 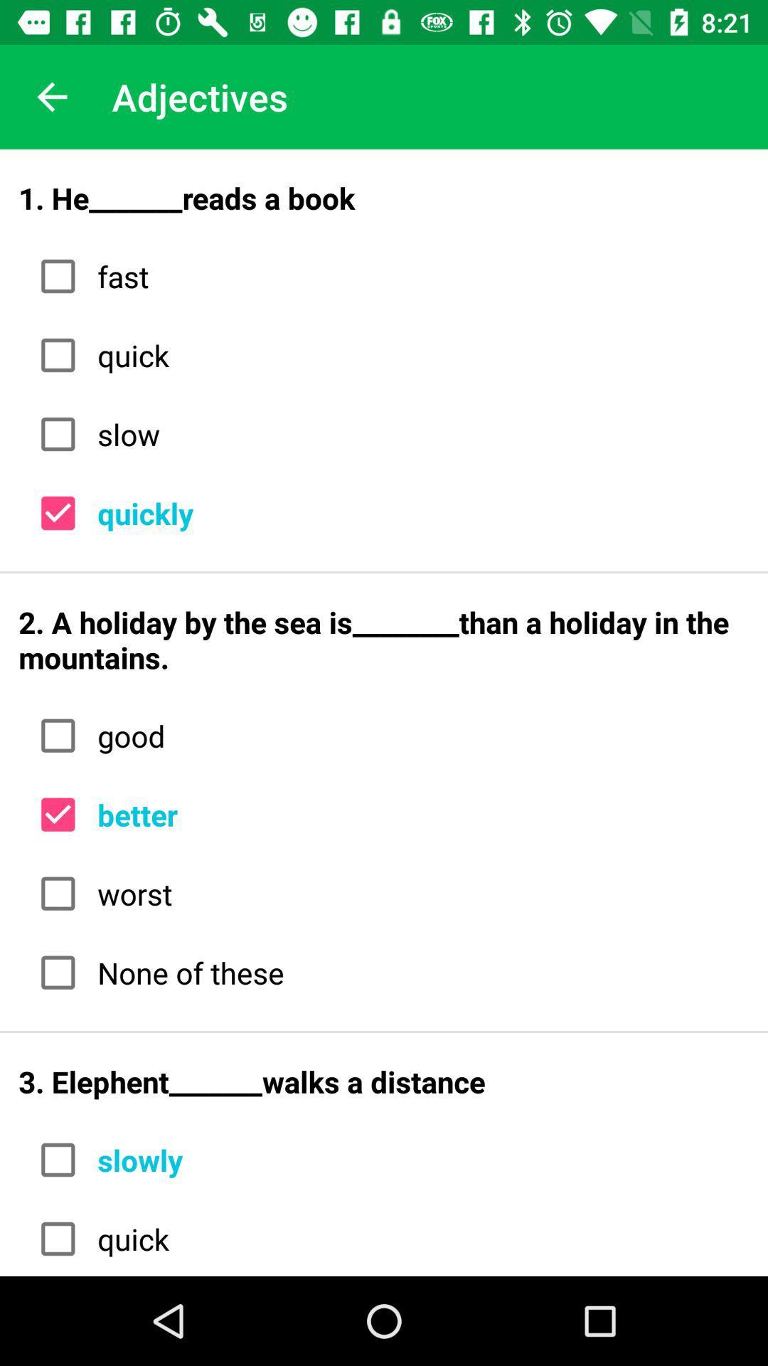 I want to click on the item above the quick, so click(x=417, y=276).